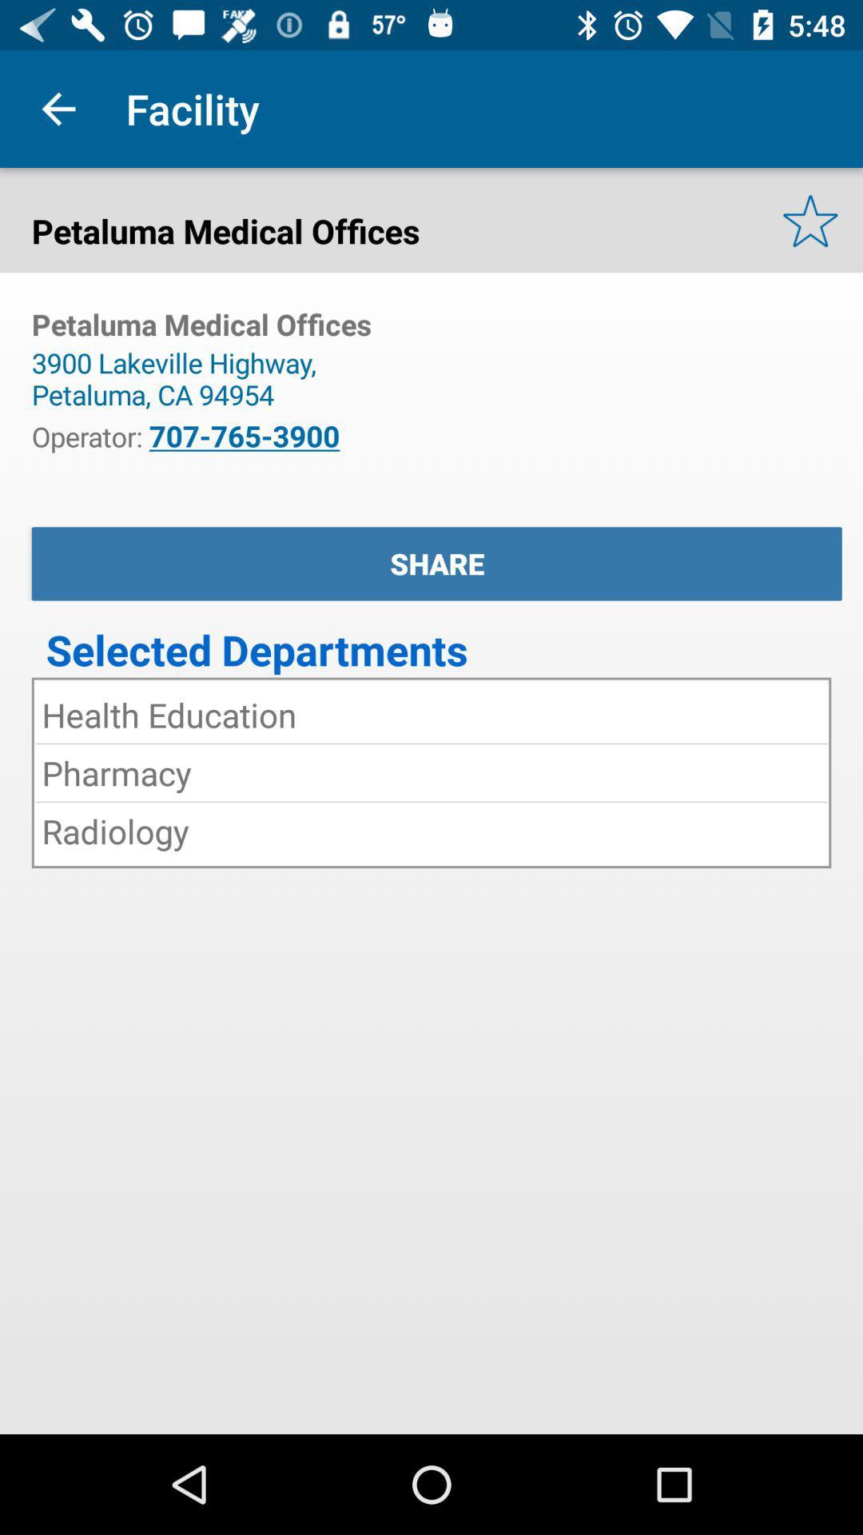 This screenshot has height=1535, width=863. What do you see at coordinates (58, 108) in the screenshot?
I see `app to the left of the facility icon` at bounding box center [58, 108].